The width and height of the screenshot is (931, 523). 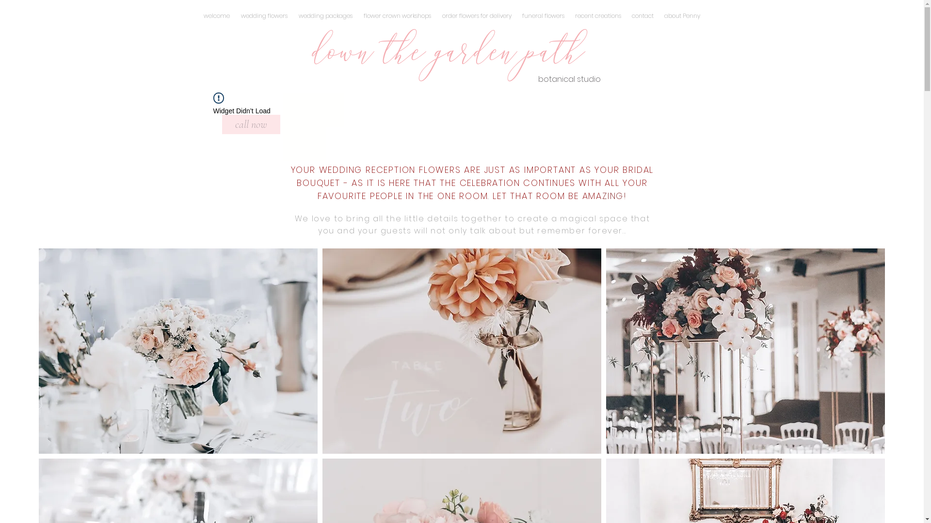 I want to click on 'call now', so click(x=251, y=124).